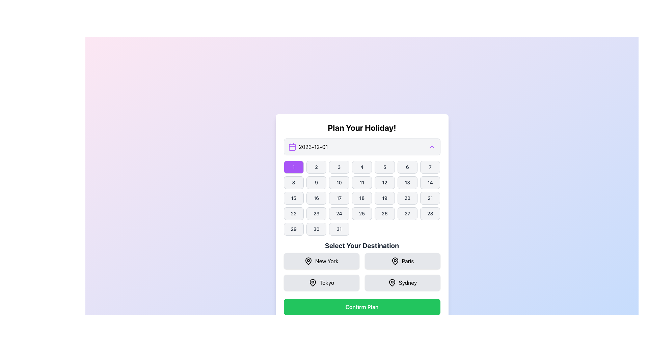  What do you see at coordinates (292, 146) in the screenshot?
I see `the date selector icon located to the left of the text '2023-12-01'` at bounding box center [292, 146].